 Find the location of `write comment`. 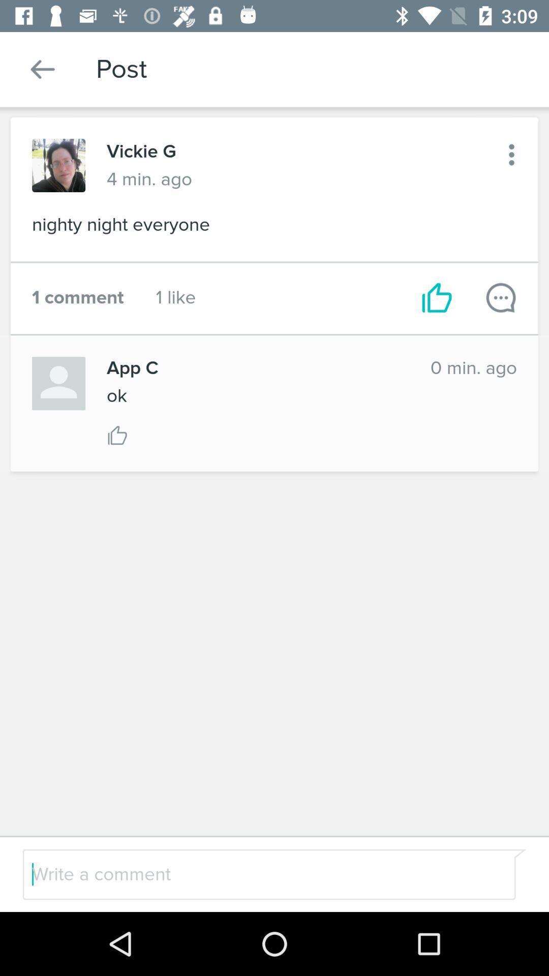

write comment is located at coordinates (500, 297).